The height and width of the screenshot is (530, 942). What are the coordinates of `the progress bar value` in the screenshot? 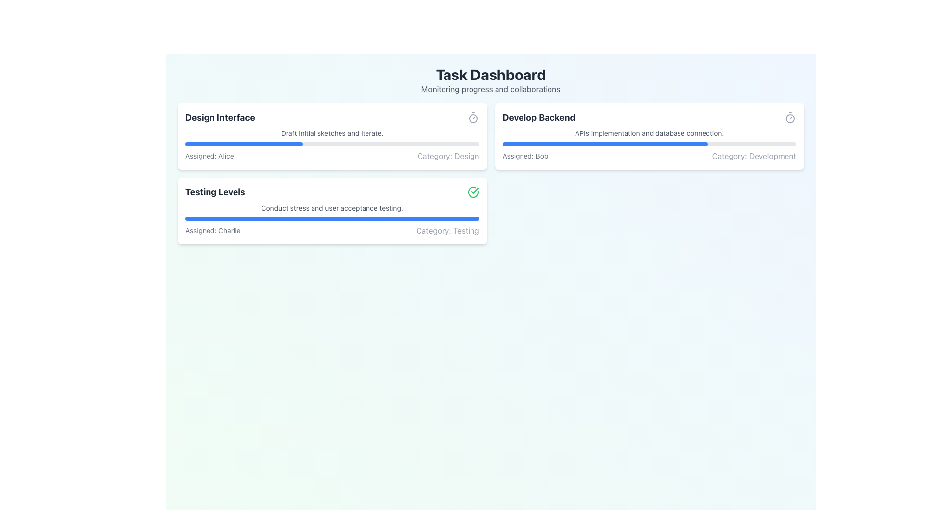 It's located at (529, 144).